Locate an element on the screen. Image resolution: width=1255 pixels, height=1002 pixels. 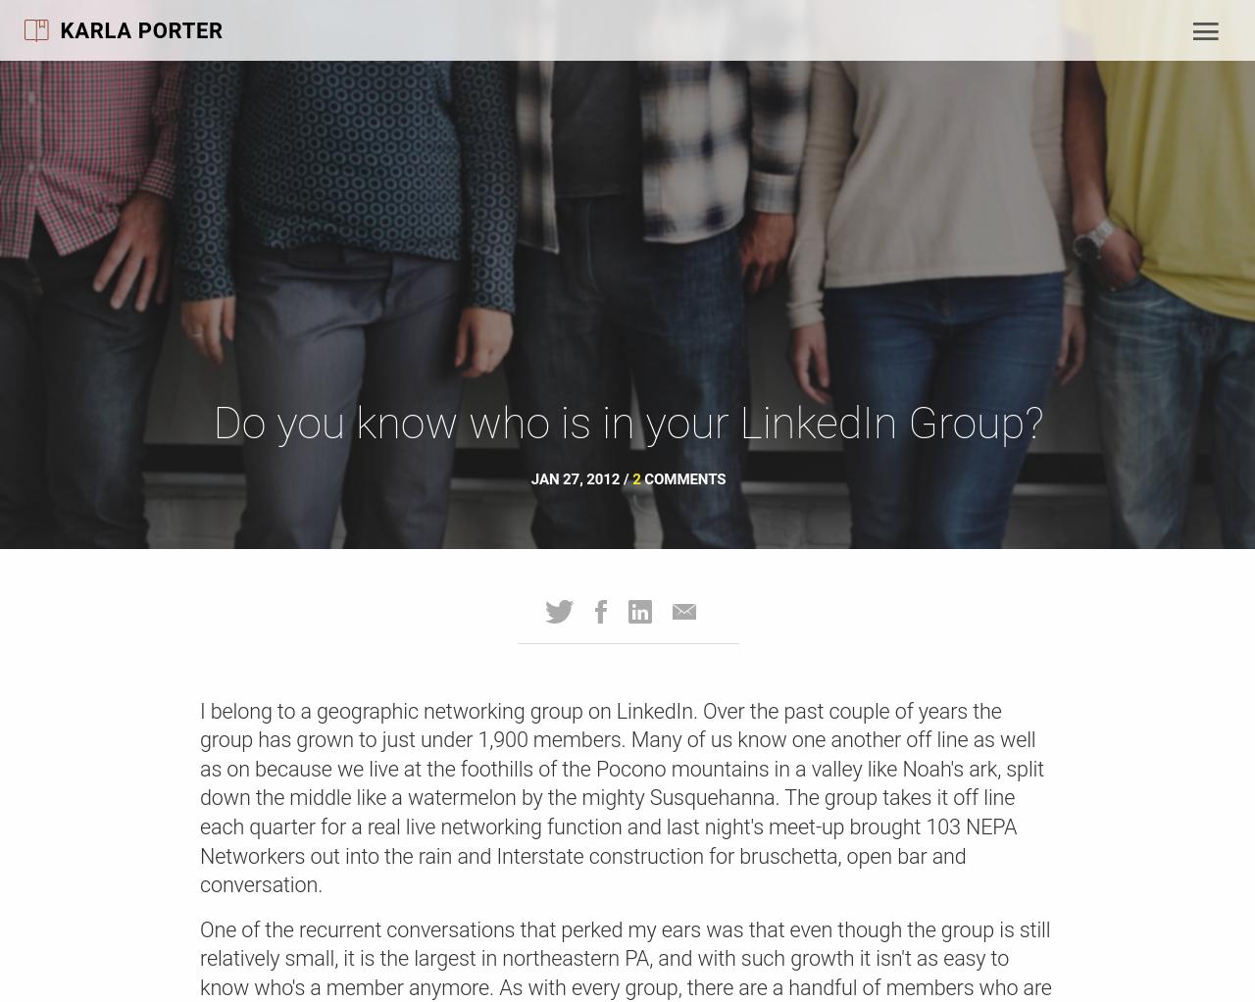
'About Me' is located at coordinates (197, 146).